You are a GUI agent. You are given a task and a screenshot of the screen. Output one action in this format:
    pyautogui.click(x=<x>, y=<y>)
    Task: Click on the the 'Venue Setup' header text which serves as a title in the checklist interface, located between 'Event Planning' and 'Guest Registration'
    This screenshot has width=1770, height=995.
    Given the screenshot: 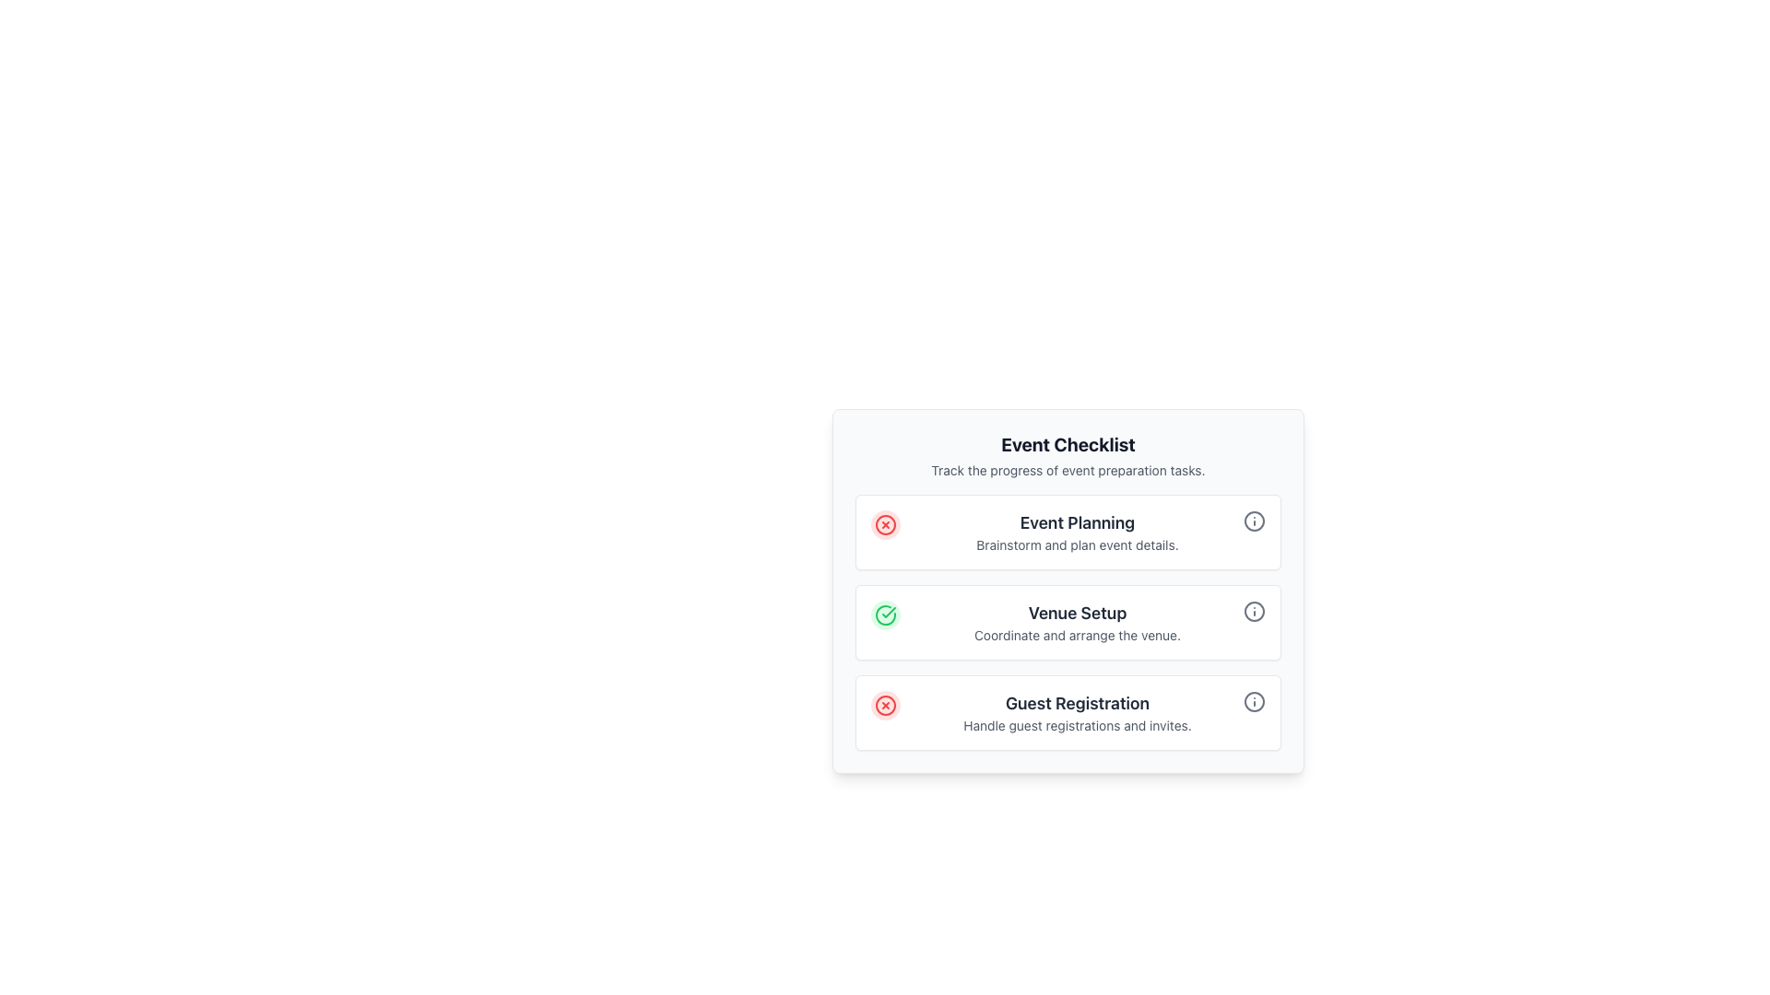 What is the action you would take?
    pyautogui.click(x=1078, y=614)
    